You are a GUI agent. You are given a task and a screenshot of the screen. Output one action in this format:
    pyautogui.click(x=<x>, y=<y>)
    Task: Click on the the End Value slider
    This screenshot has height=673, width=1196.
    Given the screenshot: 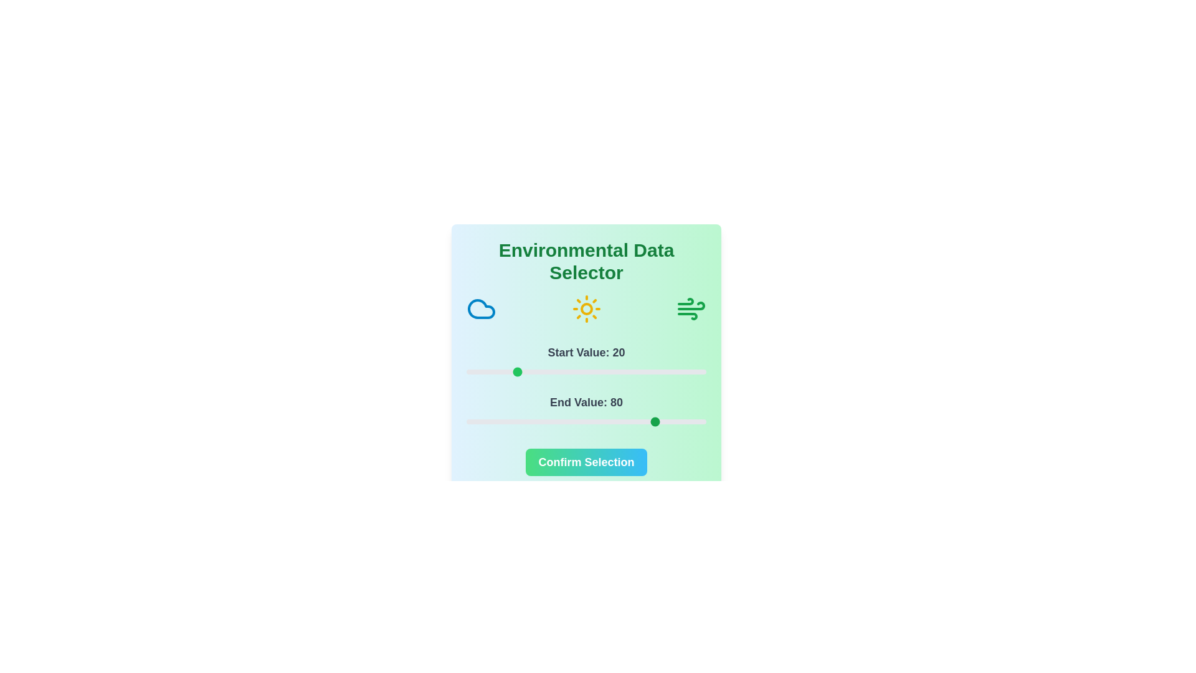 What is the action you would take?
    pyautogui.click(x=559, y=421)
    